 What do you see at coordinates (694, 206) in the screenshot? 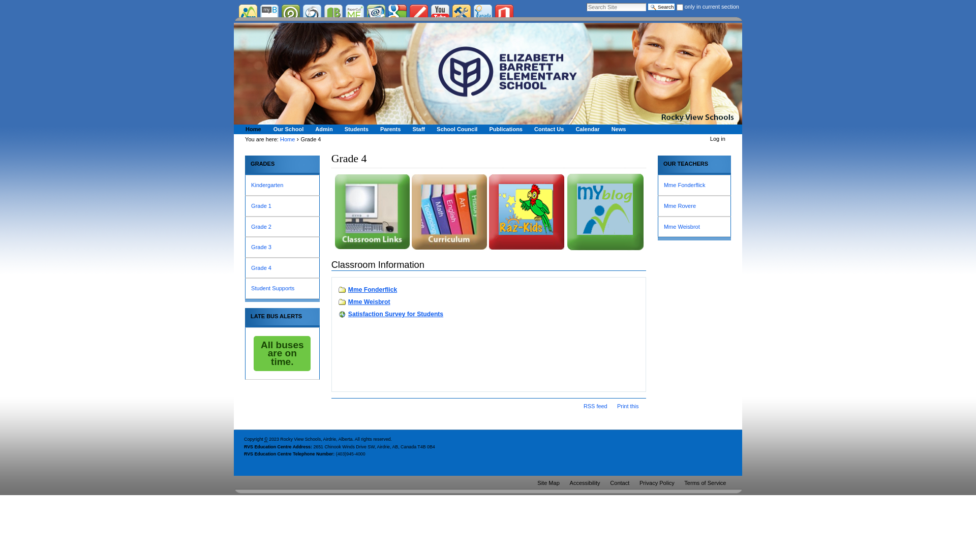
I see `'Mme Rovere'` at bounding box center [694, 206].